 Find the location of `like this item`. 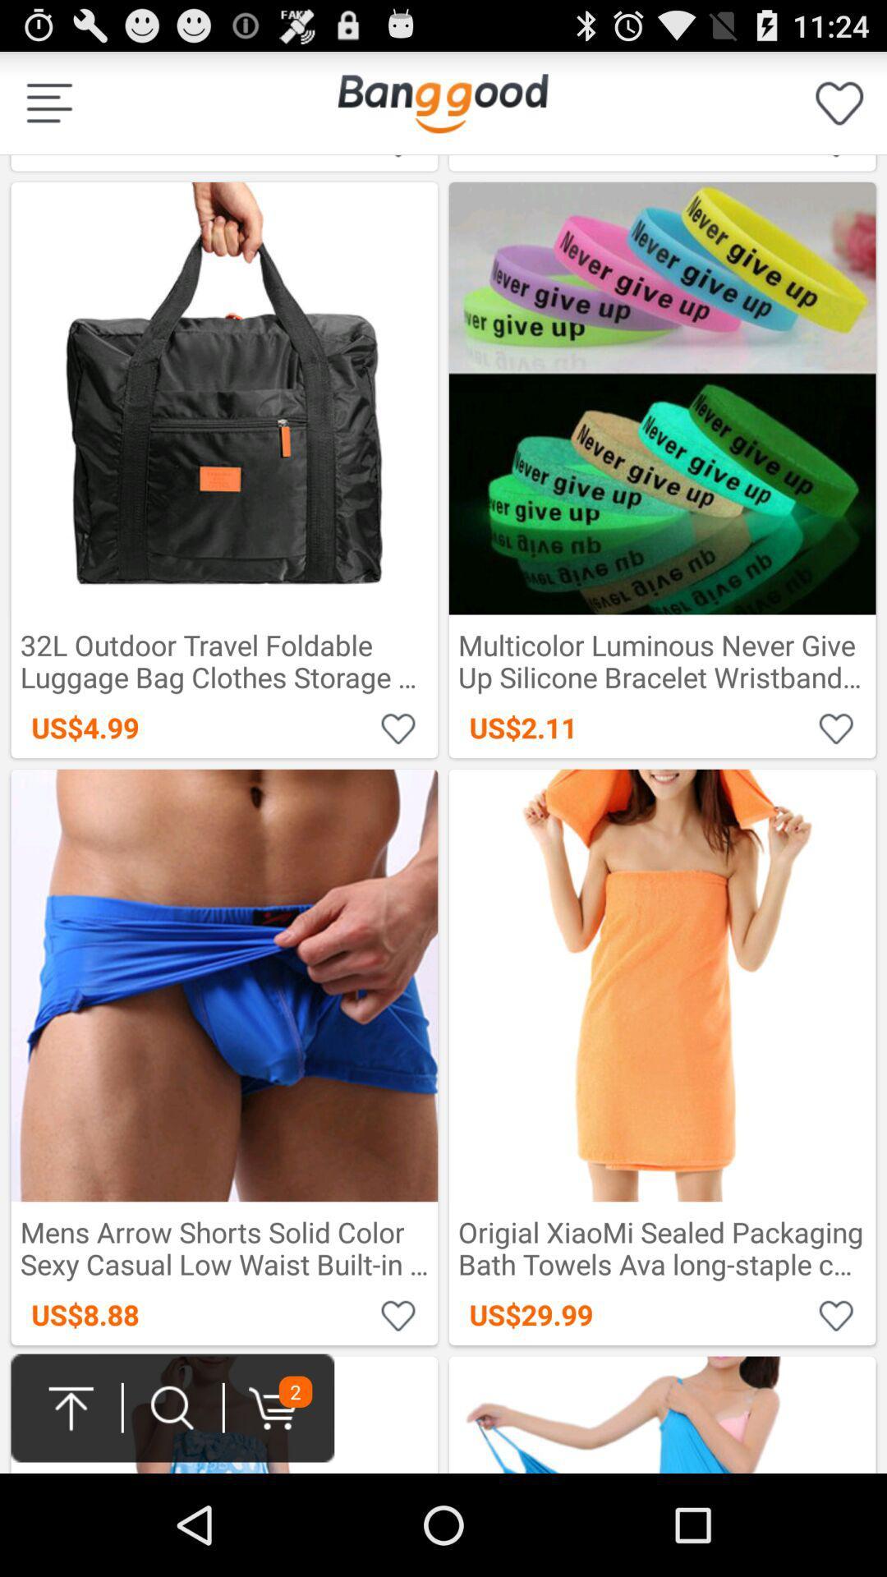

like this item is located at coordinates (398, 158).